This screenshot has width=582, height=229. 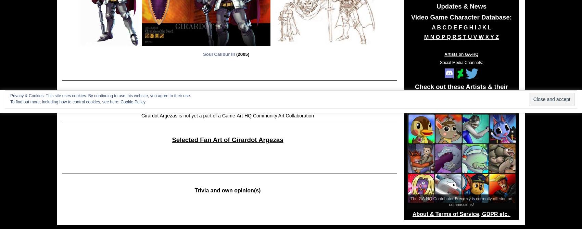 What do you see at coordinates (484, 27) in the screenshot?
I see `'K'` at bounding box center [484, 27].